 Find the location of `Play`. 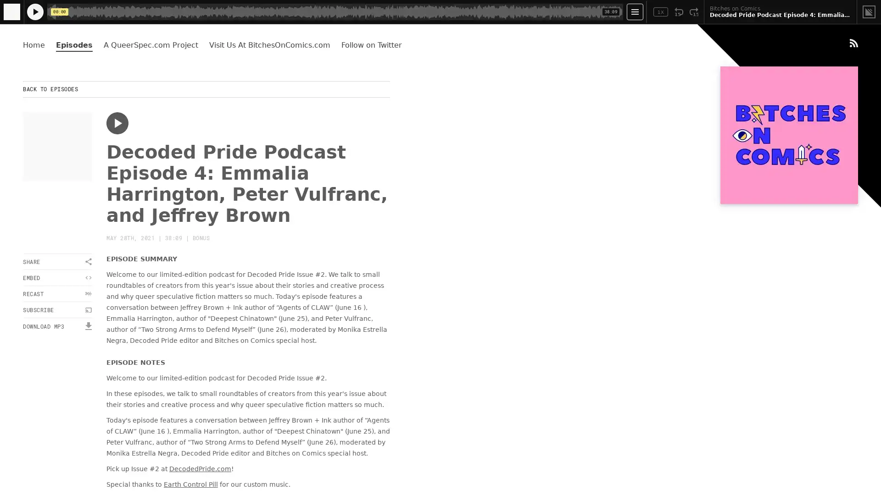

Play is located at coordinates (117, 123).